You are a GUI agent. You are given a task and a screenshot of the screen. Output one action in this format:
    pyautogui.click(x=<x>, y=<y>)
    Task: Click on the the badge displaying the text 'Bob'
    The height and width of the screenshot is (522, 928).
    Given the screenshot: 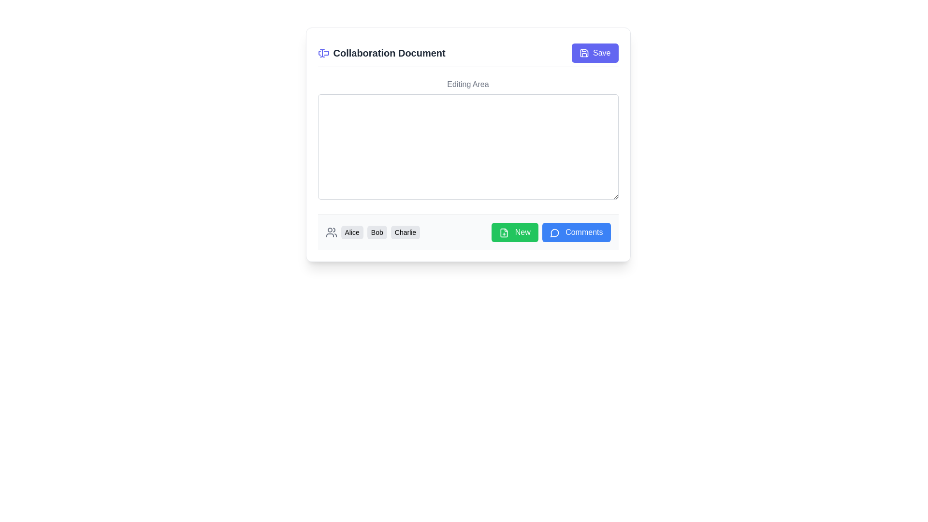 What is the action you would take?
    pyautogui.click(x=372, y=232)
    